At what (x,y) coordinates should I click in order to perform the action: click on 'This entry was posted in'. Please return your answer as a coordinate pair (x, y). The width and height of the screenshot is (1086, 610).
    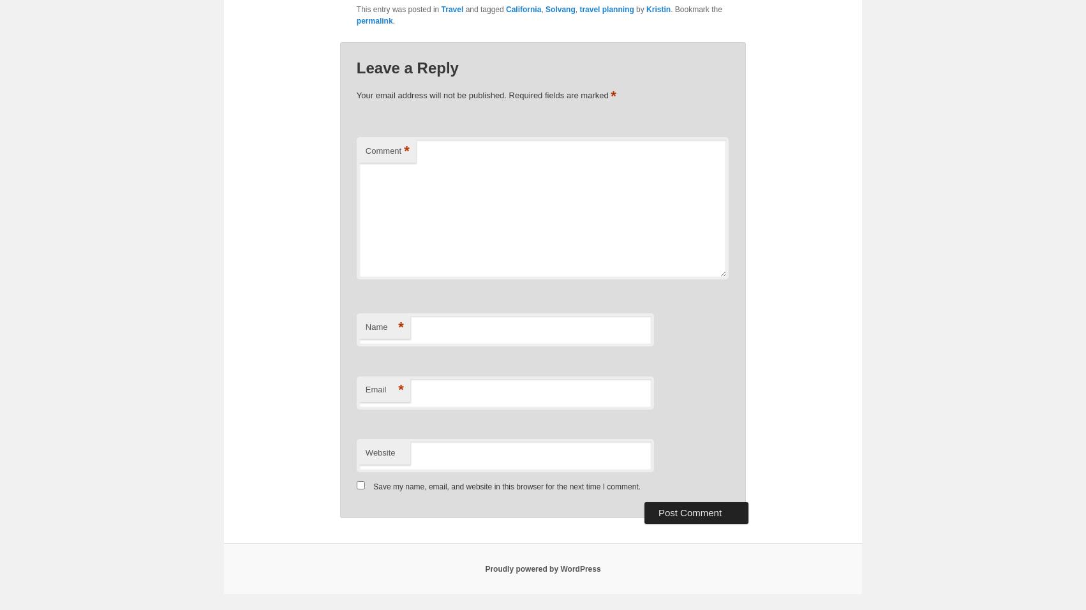
    Looking at the image, I should click on (398, 9).